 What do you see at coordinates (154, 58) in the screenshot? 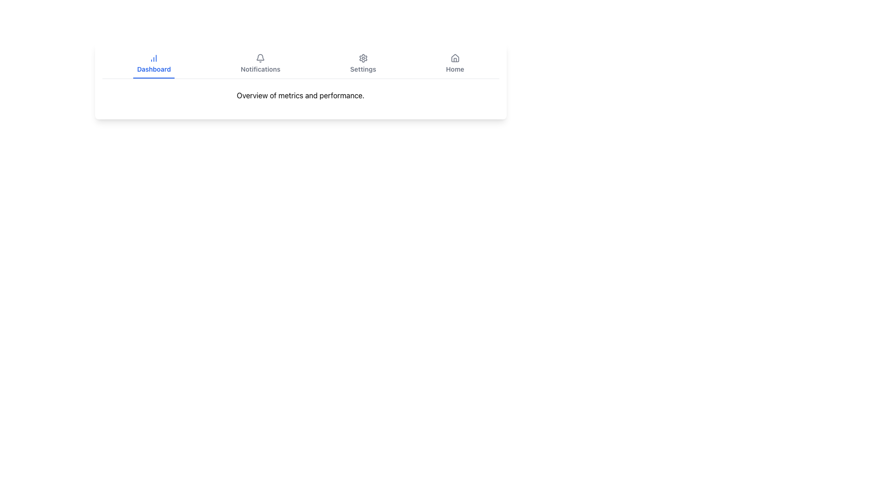
I see `the column chart-like icon representing the 'Dashboard' section in the top-center navigation bar` at bounding box center [154, 58].